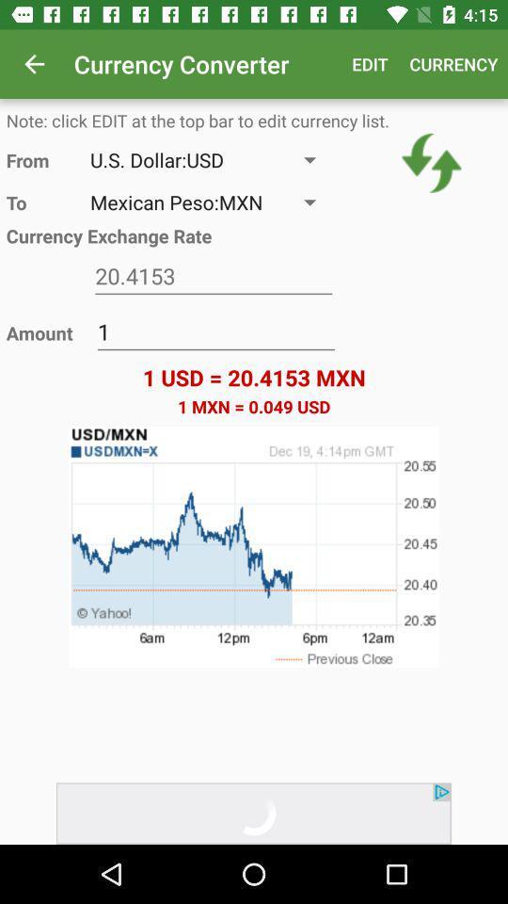  What do you see at coordinates (432, 162) in the screenshot?
I see `the item below the edit icon` at bounding box center [432, 162].